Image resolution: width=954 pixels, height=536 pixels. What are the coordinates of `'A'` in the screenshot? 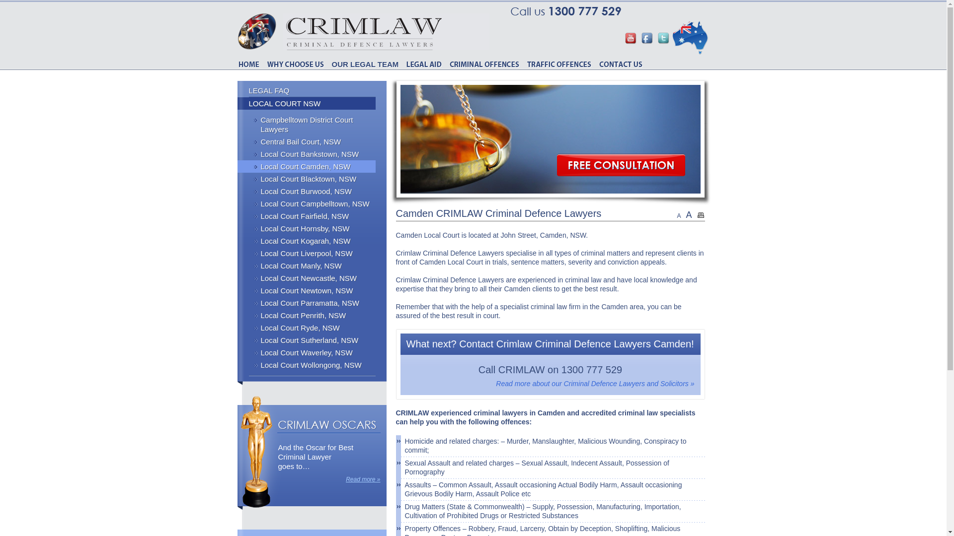 It's located at (678, 215).